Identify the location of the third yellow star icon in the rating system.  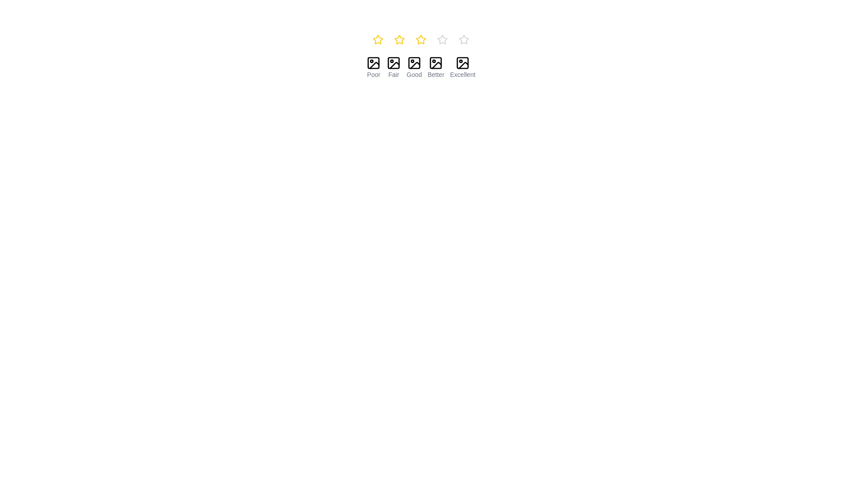
(421, 39).